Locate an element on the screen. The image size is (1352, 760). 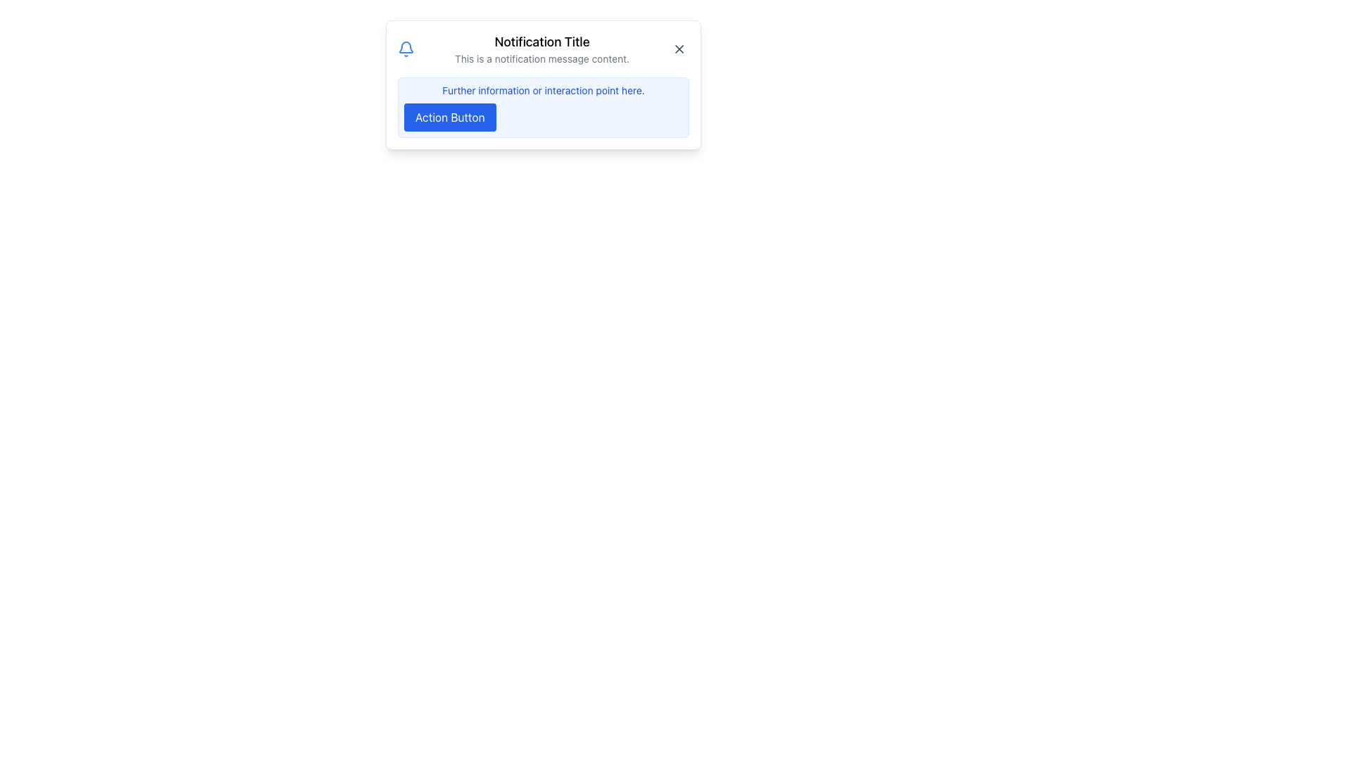
text label positioned at the top-center of the notification box, summarizing the content below is located at coordinates (541, 42).